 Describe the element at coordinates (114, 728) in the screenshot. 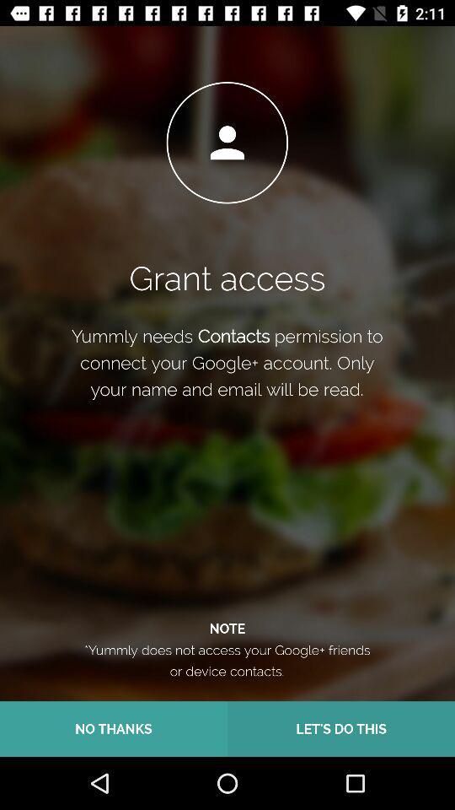

I see `the icon at the bottom left corner` at that location.